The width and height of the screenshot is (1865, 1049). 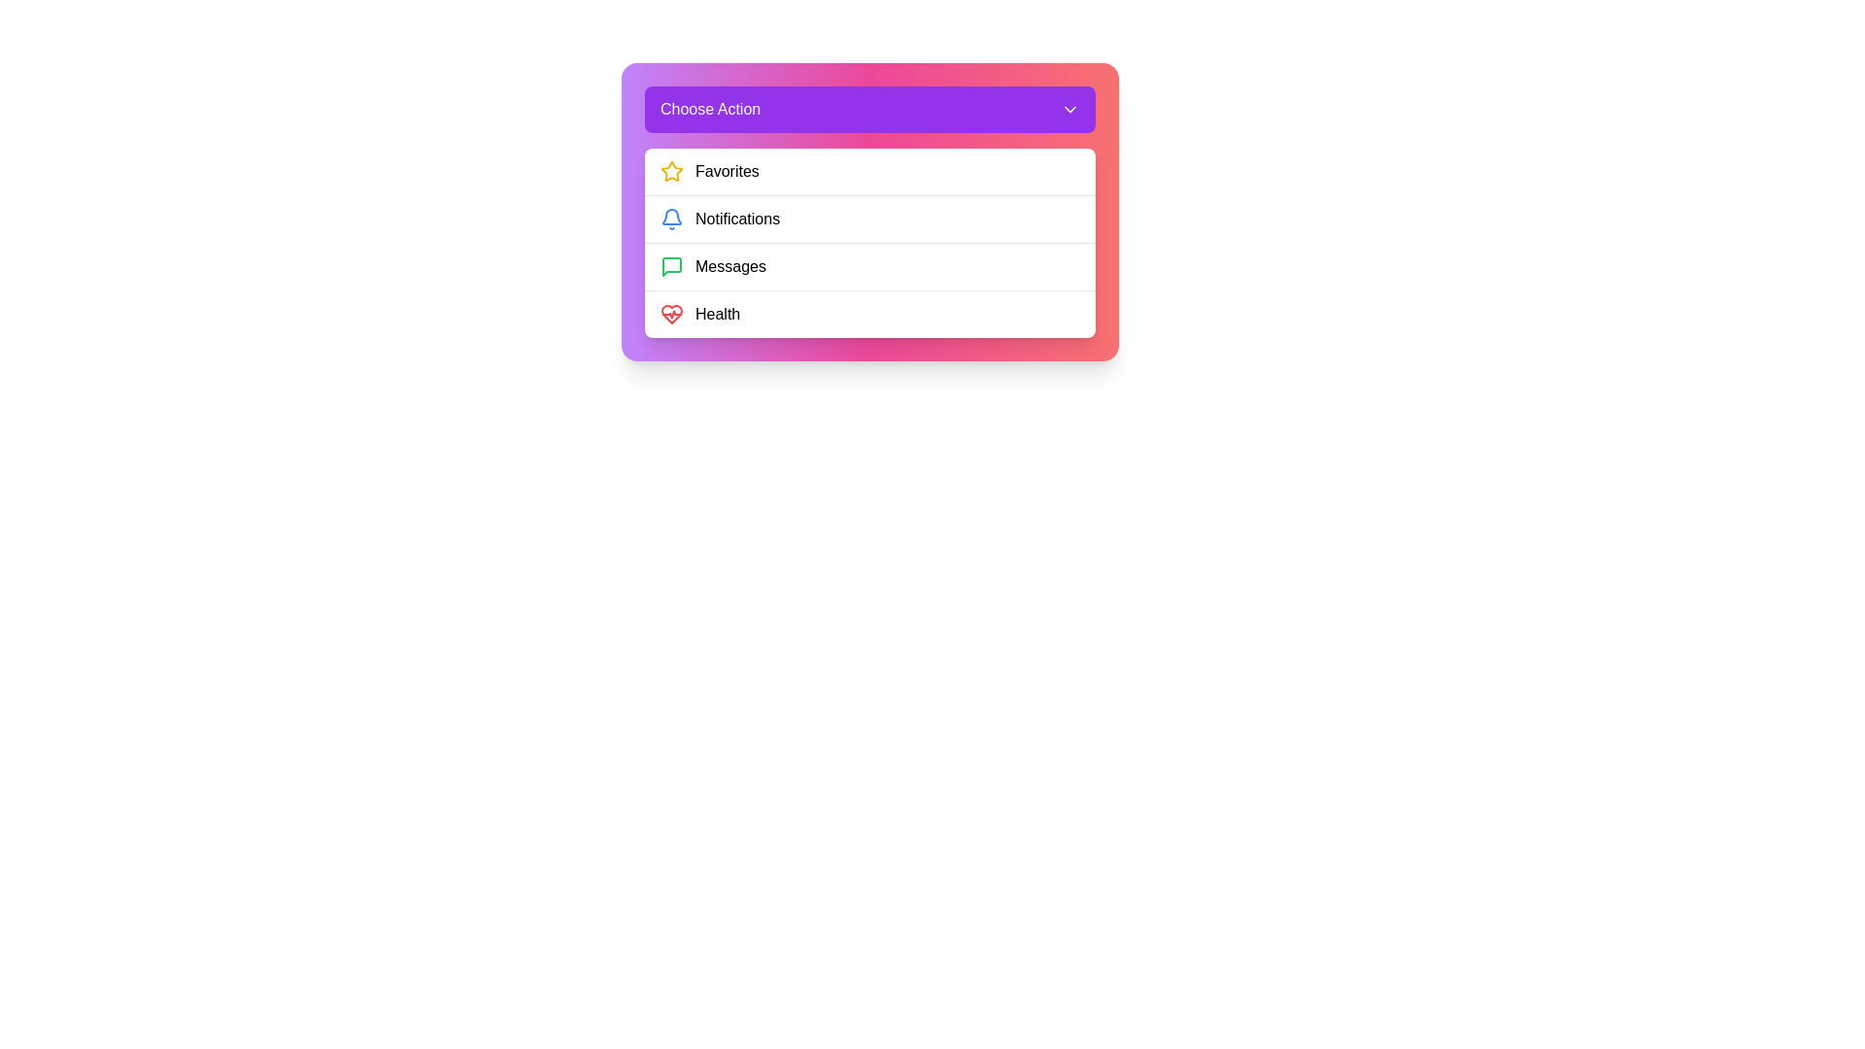 I want to click on the blue bell icon located as the second item in the vertical list under the 'Choose Action' dropdown menu, so click(x=671, y=217).